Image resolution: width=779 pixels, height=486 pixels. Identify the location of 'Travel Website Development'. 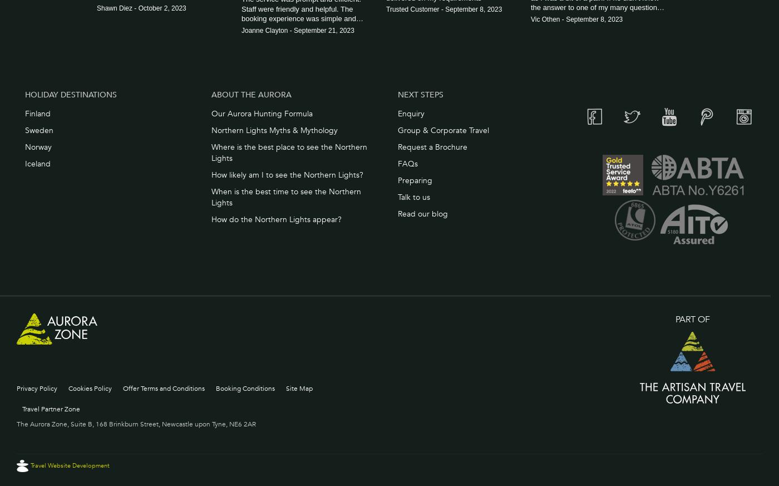
(70, 465).